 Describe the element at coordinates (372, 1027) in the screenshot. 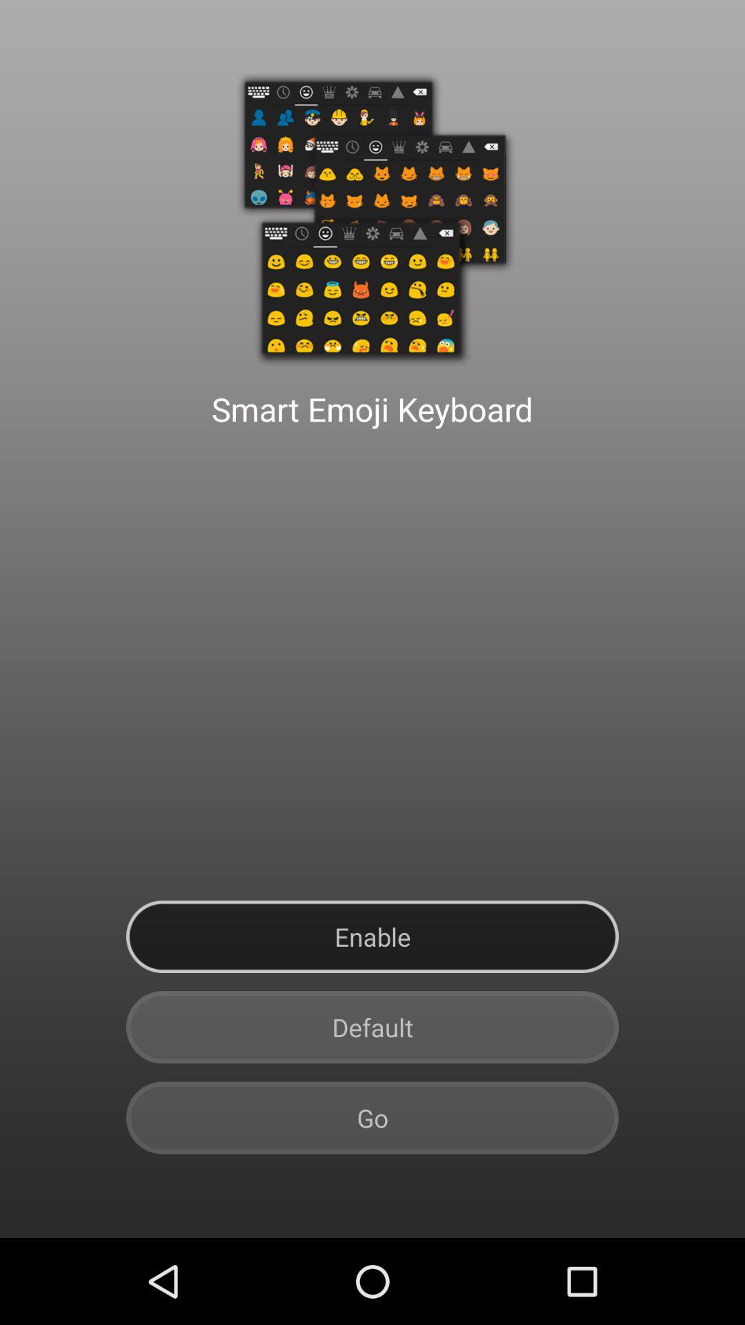

I see `button below the enable button` at that location.